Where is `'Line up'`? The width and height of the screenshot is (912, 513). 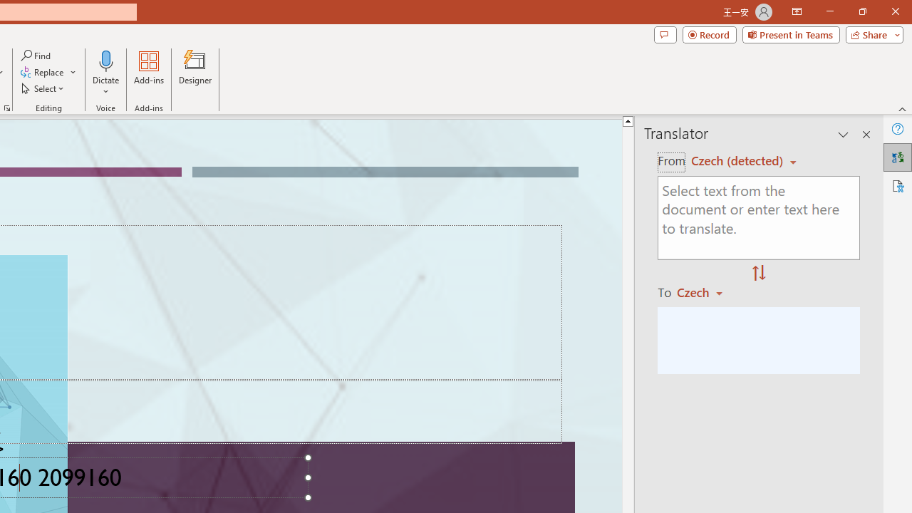 'Line up' is located at coordinates (627, 120).